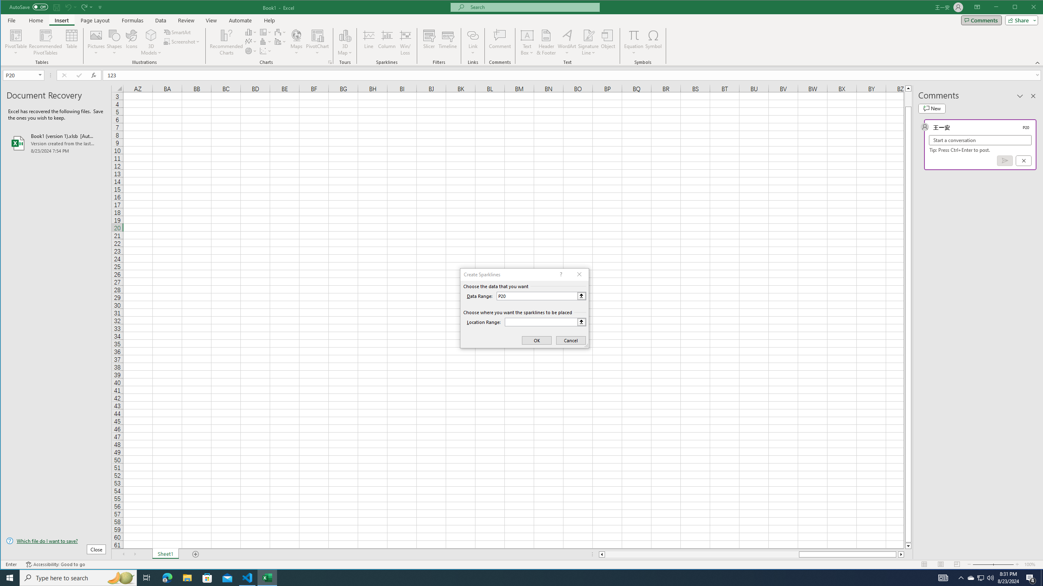 Image resolution: width=1043 pixels, height=586 pixels. I want to click on 'Icons', so click(131, 42).